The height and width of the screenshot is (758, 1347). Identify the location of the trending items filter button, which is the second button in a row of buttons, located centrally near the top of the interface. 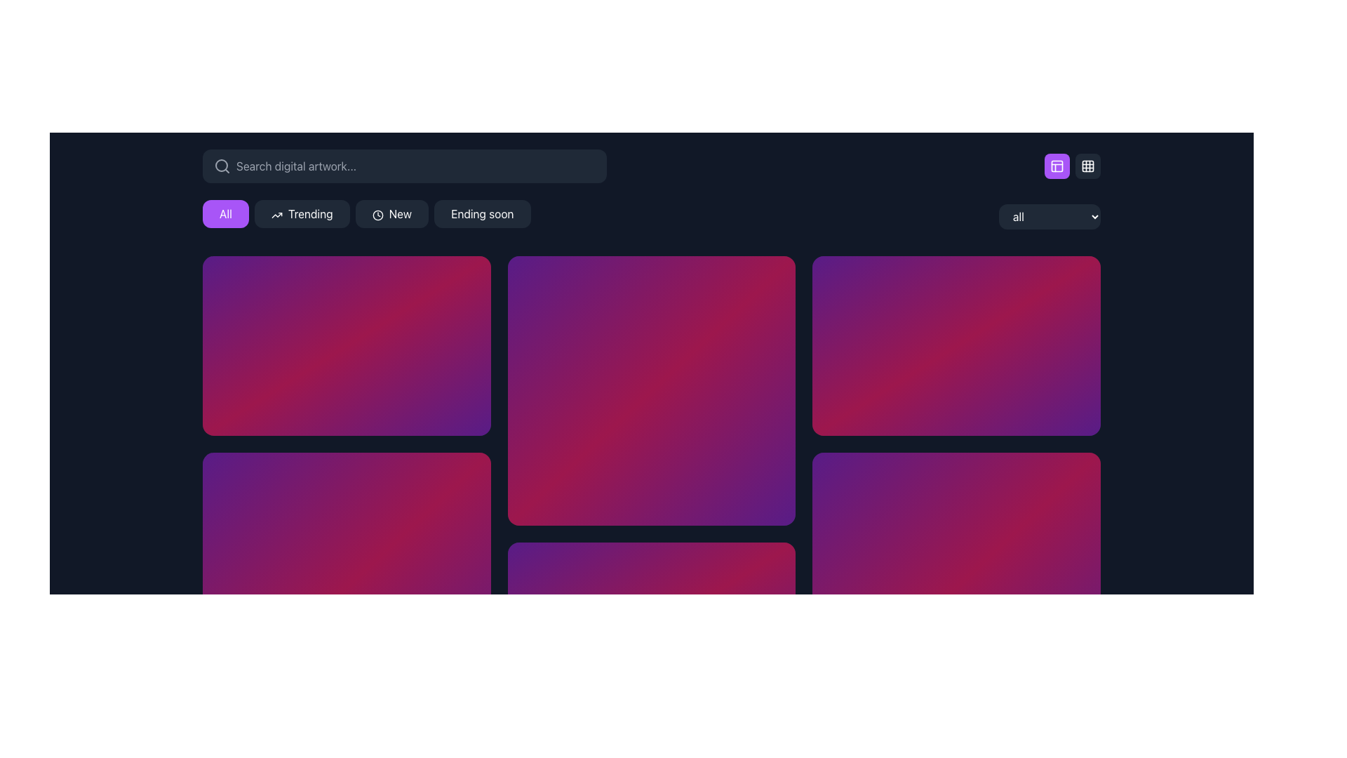
(301, 213).